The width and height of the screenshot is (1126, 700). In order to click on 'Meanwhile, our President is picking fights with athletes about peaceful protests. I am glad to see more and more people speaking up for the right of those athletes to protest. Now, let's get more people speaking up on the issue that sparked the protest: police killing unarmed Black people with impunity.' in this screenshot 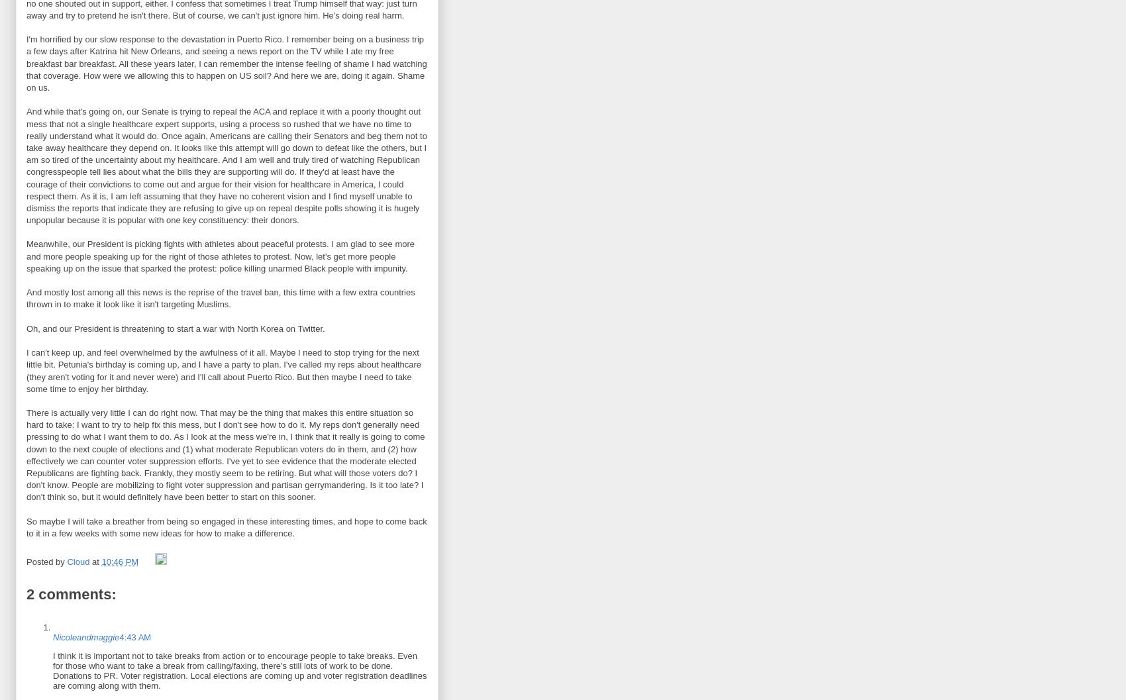, I will do `click(220, 255)`.